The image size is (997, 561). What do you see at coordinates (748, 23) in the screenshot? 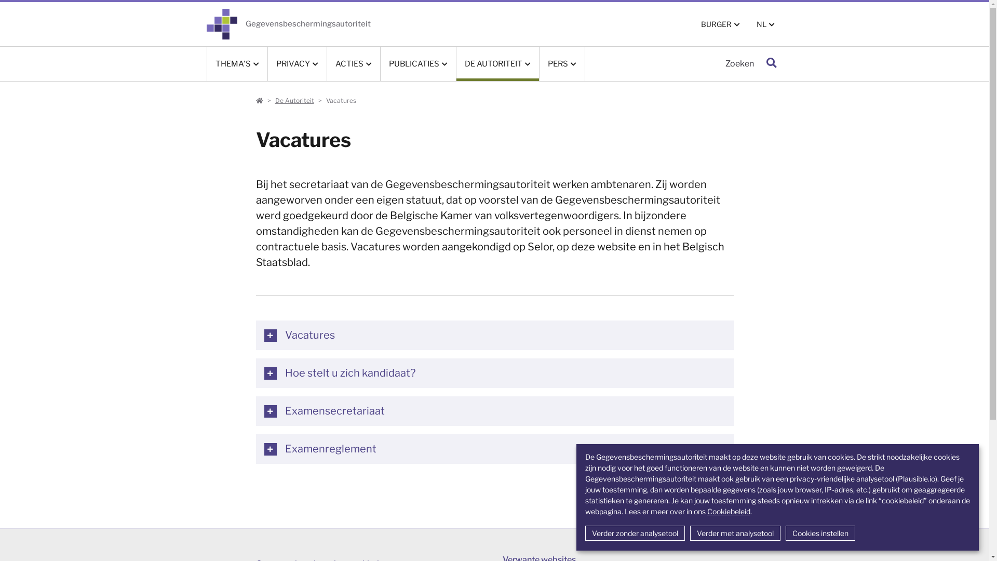
I see `'NL'` at bounding box center [748, 23].